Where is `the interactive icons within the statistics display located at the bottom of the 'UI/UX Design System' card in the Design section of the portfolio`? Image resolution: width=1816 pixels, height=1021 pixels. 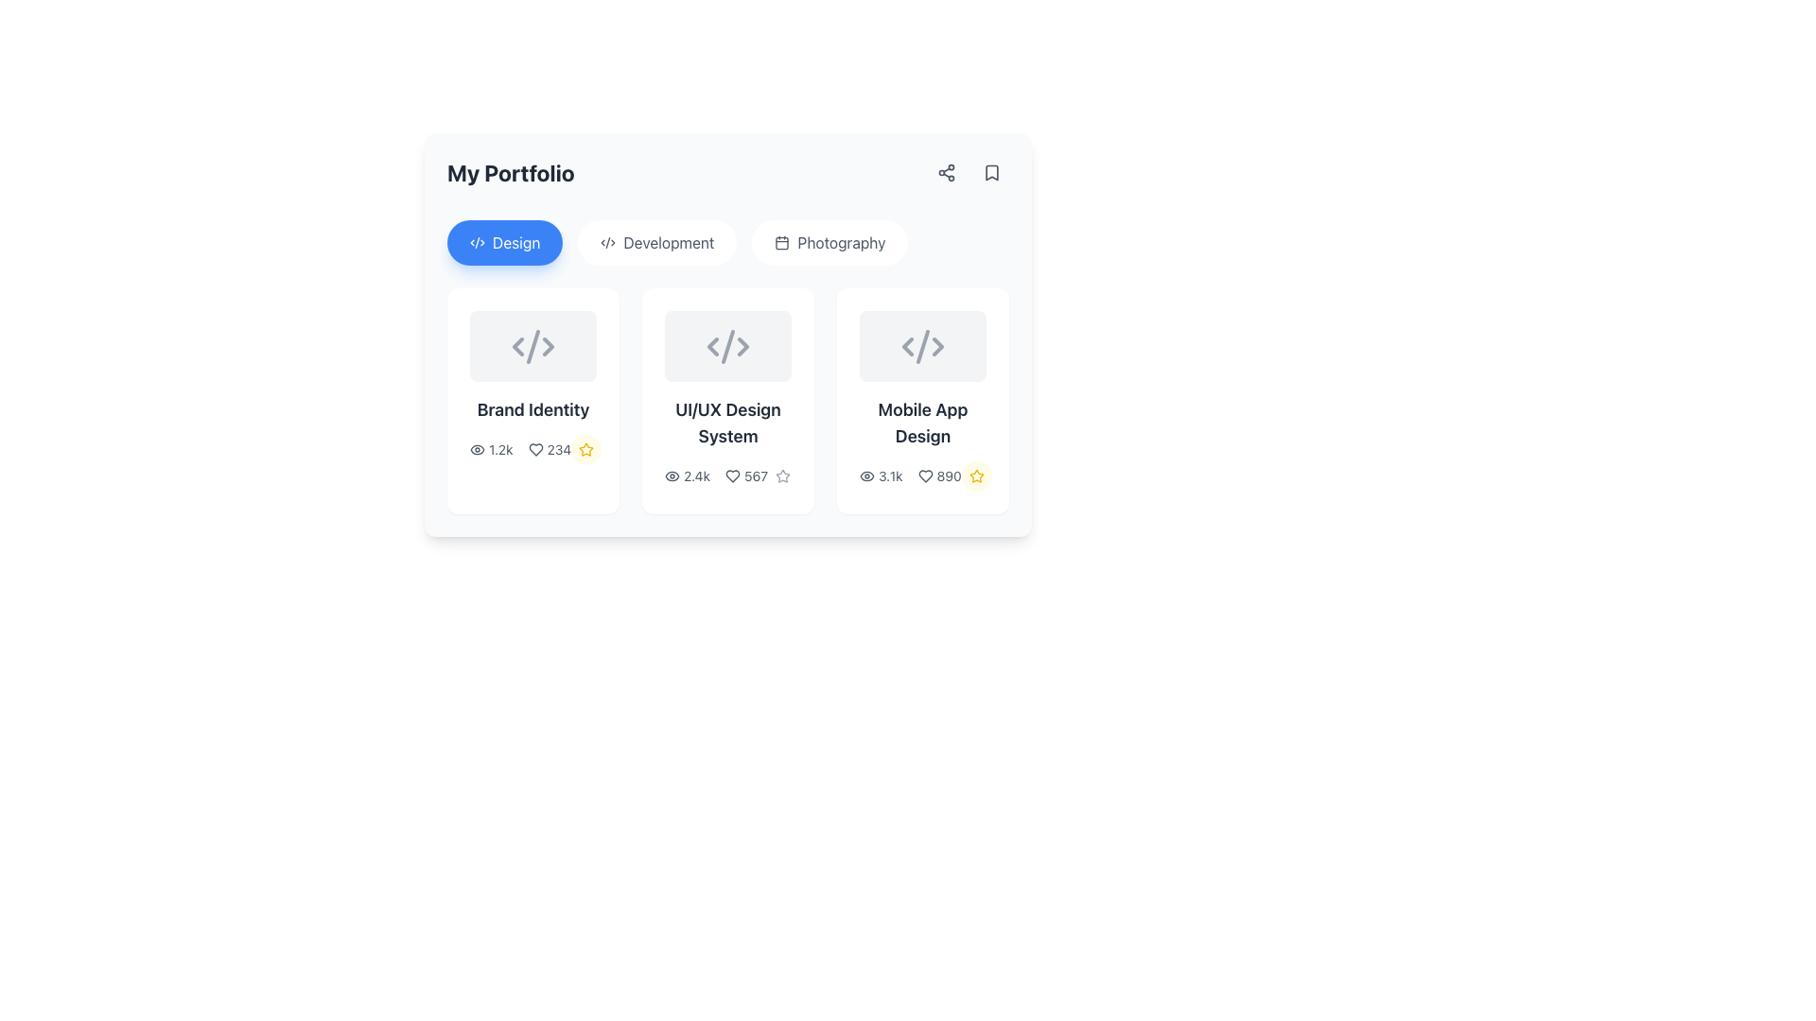 the interactive icons within the statistics display located at the bottom of the 'UI/UX Design System' card in the Design section of the portfolio is located at coordinates (715, 476).